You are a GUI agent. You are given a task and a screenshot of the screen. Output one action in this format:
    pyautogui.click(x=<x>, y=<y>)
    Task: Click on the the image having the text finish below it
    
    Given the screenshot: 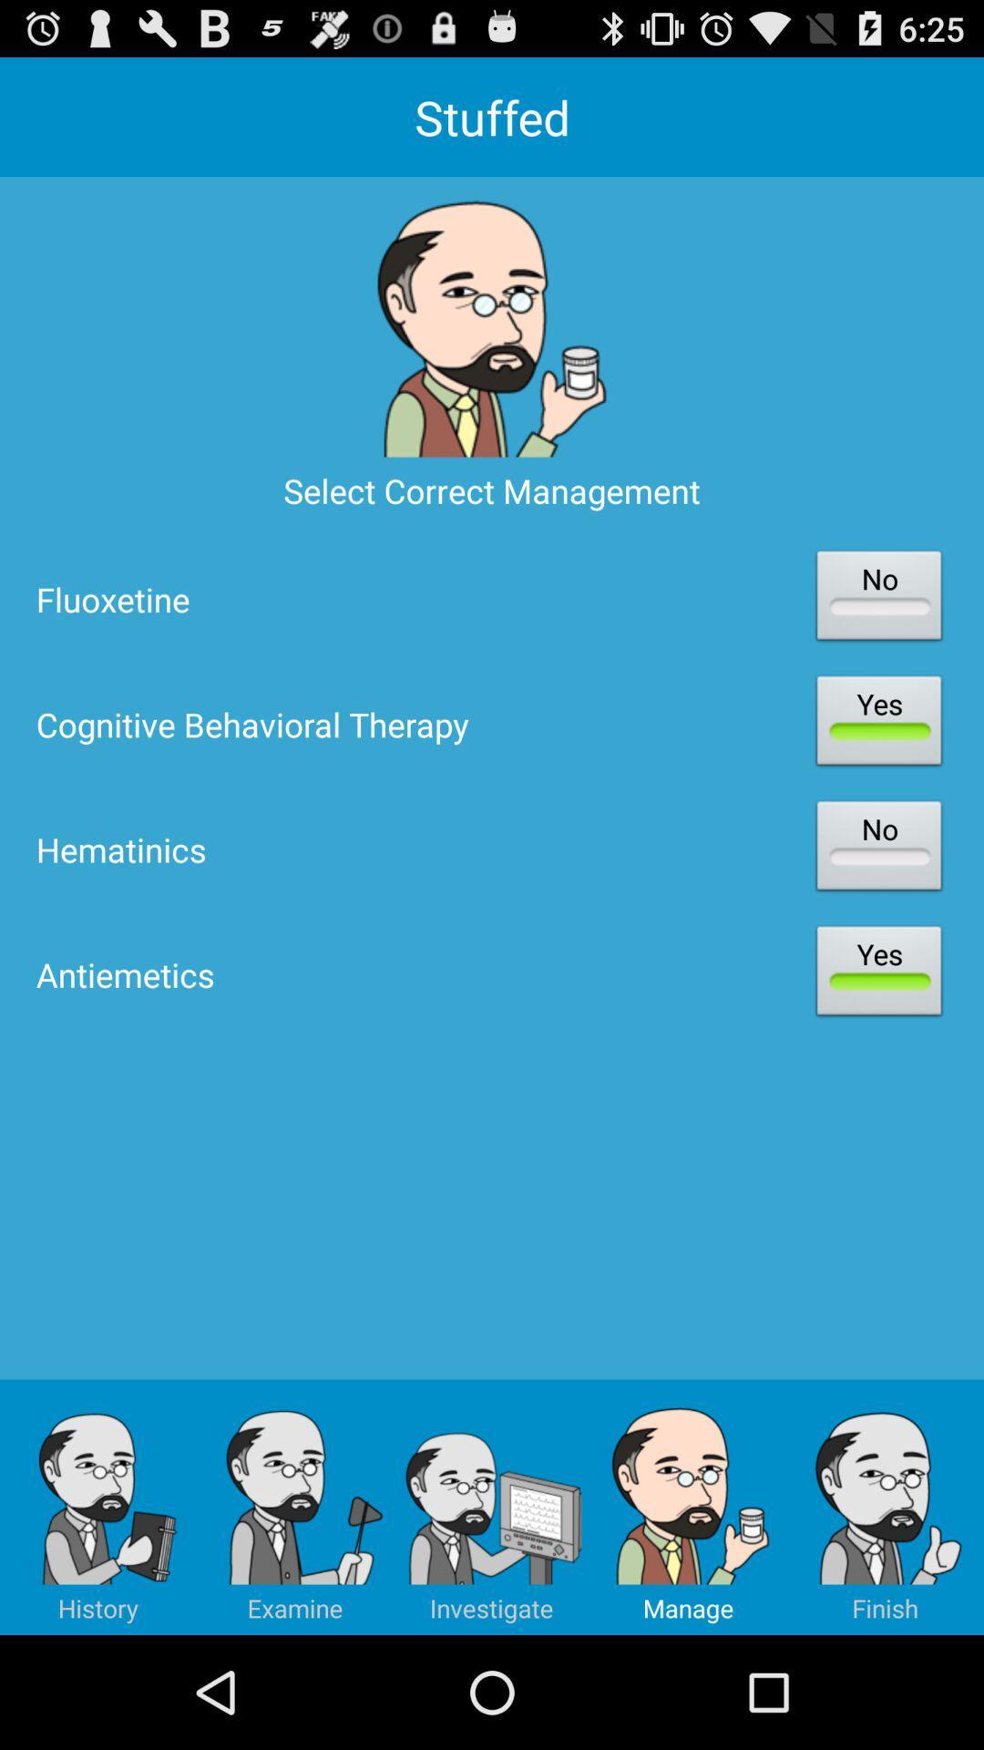 What is the action you would take?
    pyautogui.click(x=885, y=1508)
    